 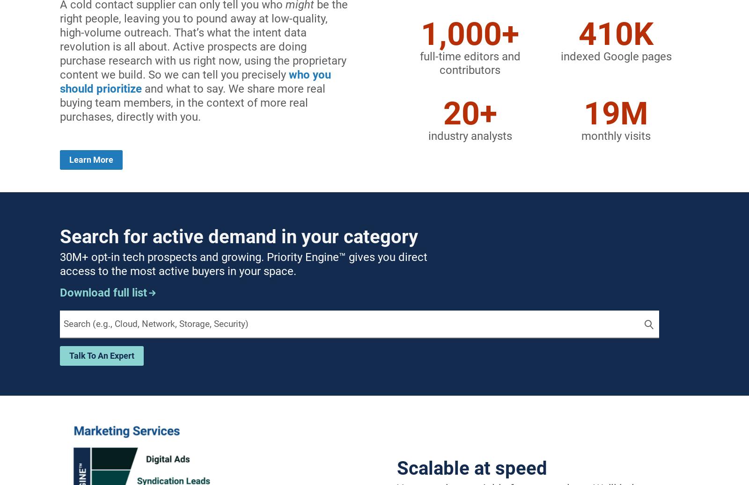 I want to click on '30M+ opt-in tech prospects and growing. Priority Engine™ gives you direct access to the most active buyers in your space.', so click(x=243, y=264).